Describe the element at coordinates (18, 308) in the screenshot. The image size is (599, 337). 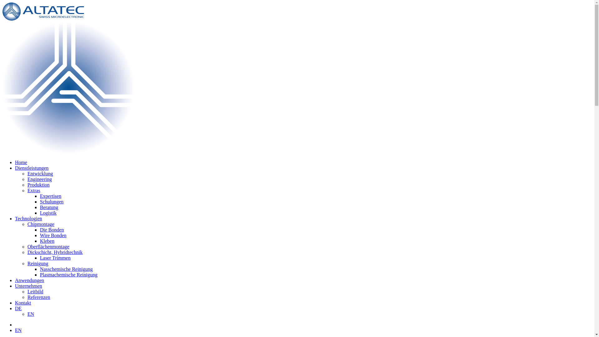
I see `'DE'` at that location.